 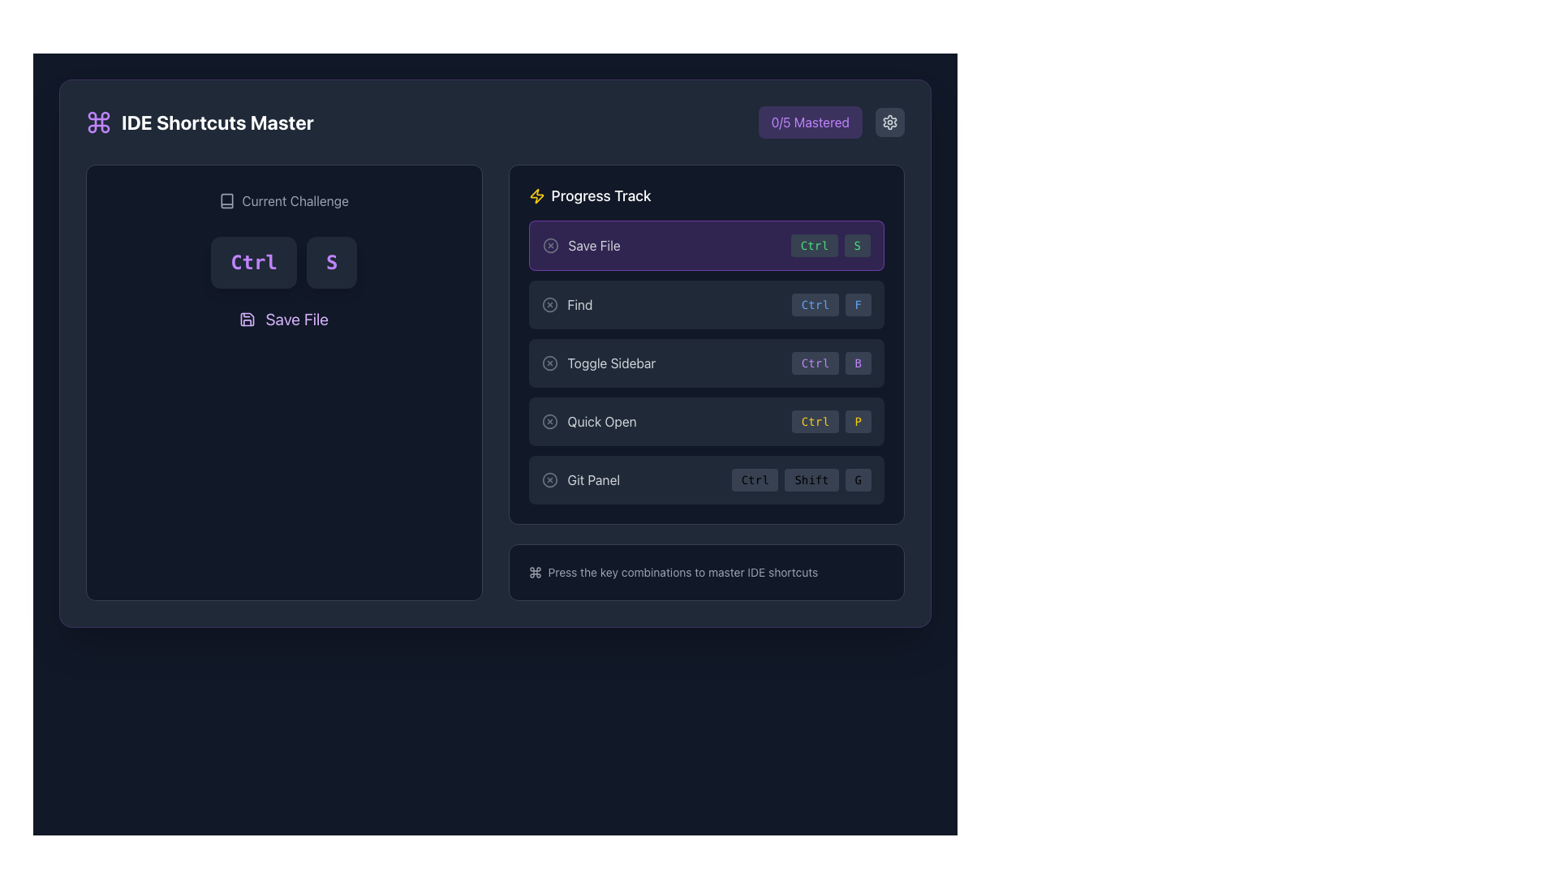 I want to click on the 'Save File' text label, which is displayed in purple font against a dark background and is located below the 'Ctrl + S' shortcut representation, so click(x=297, y=319).